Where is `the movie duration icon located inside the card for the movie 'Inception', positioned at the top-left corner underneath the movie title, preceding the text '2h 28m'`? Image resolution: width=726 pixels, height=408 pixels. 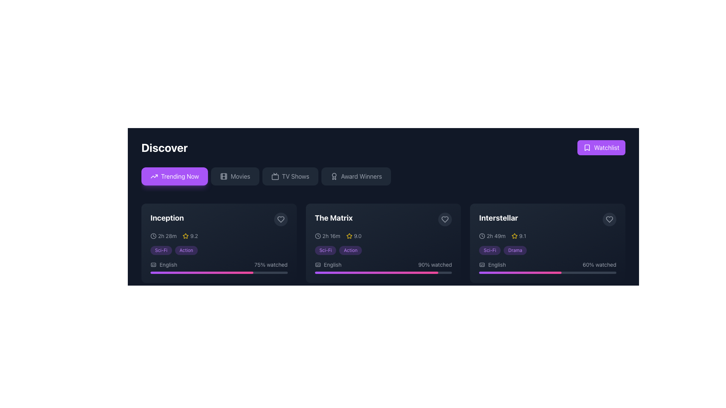
the movie duration icon located inside the card for the movie 'Inception', positioned at the top-left corner underneath the movie title, preceding the text '2h 28m' is located at coordinates (153, 235).